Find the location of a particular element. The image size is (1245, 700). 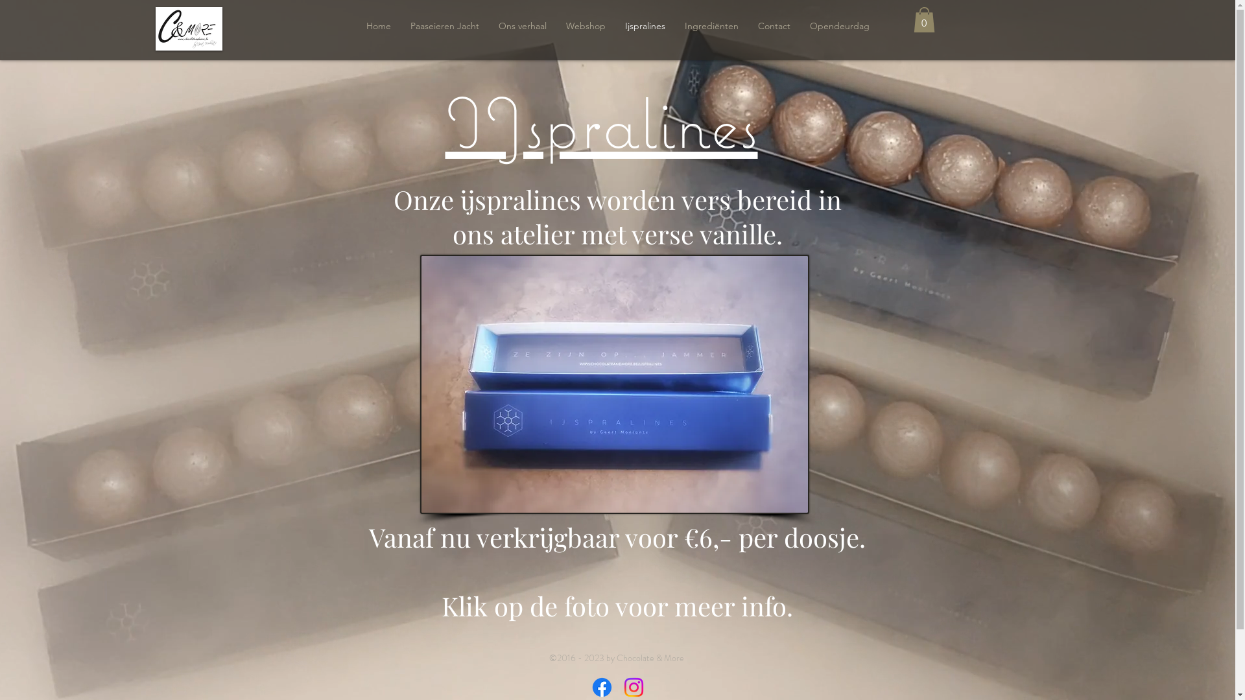

'Opendeurdag' is located at coordinates (799, 25).